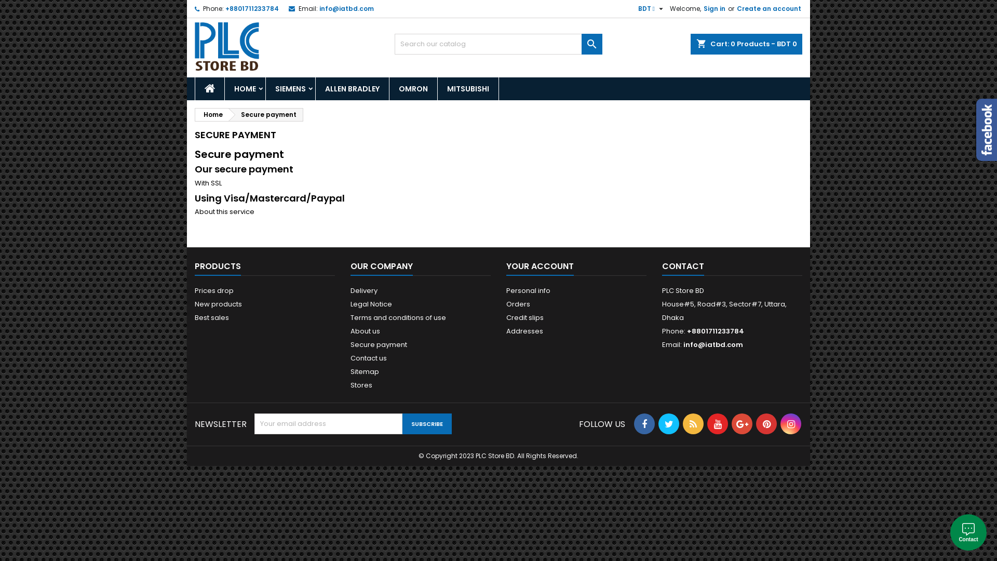  What do you see at coordinates (351, 290) in the screenshot?
I see `'Delivery'` at bounding box center [351, 290].